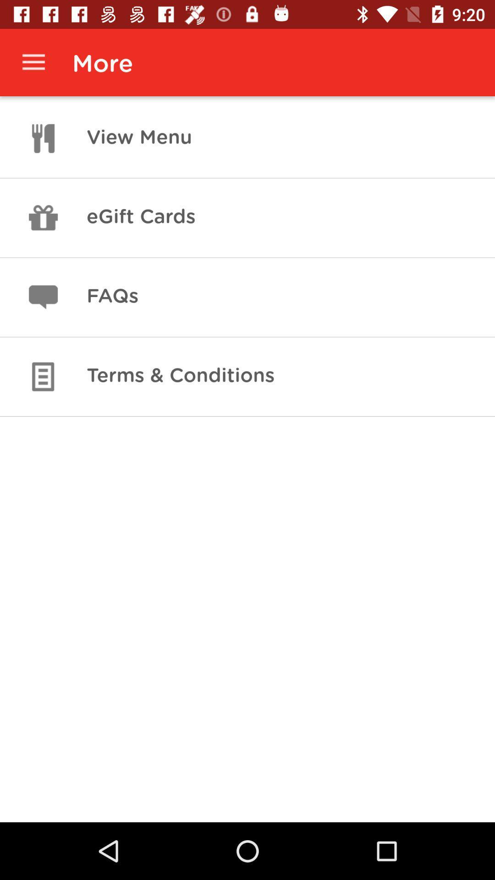 This screenshot has width=495, height=880. What do you see at coordinates (181, 376) in the screenshot?
I see `item at the center` at bounding box center [181, 376].